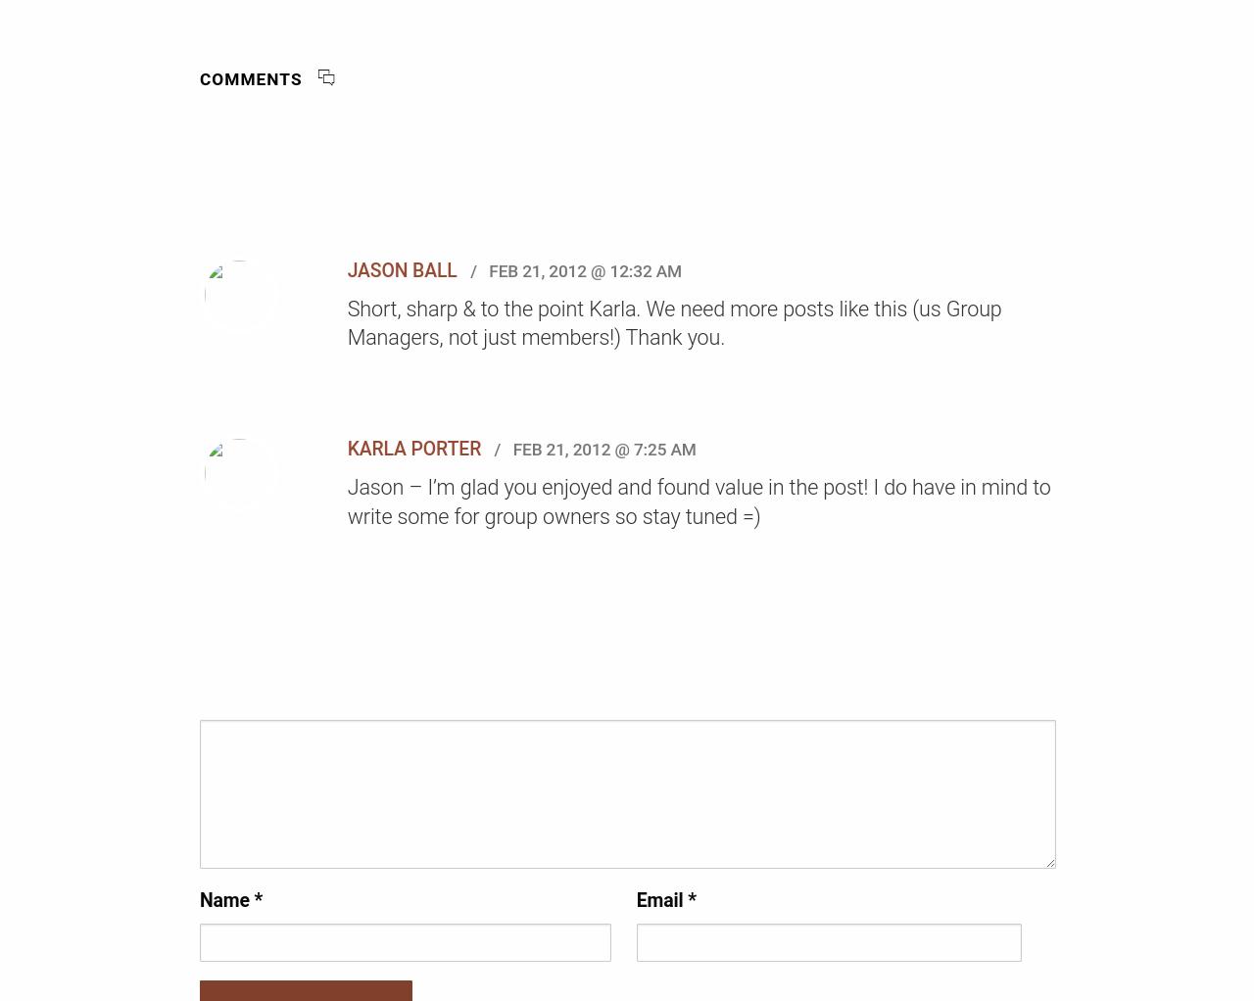 The image size is (1254, 1001). I want to click on 'Comments', so click(199, 77).